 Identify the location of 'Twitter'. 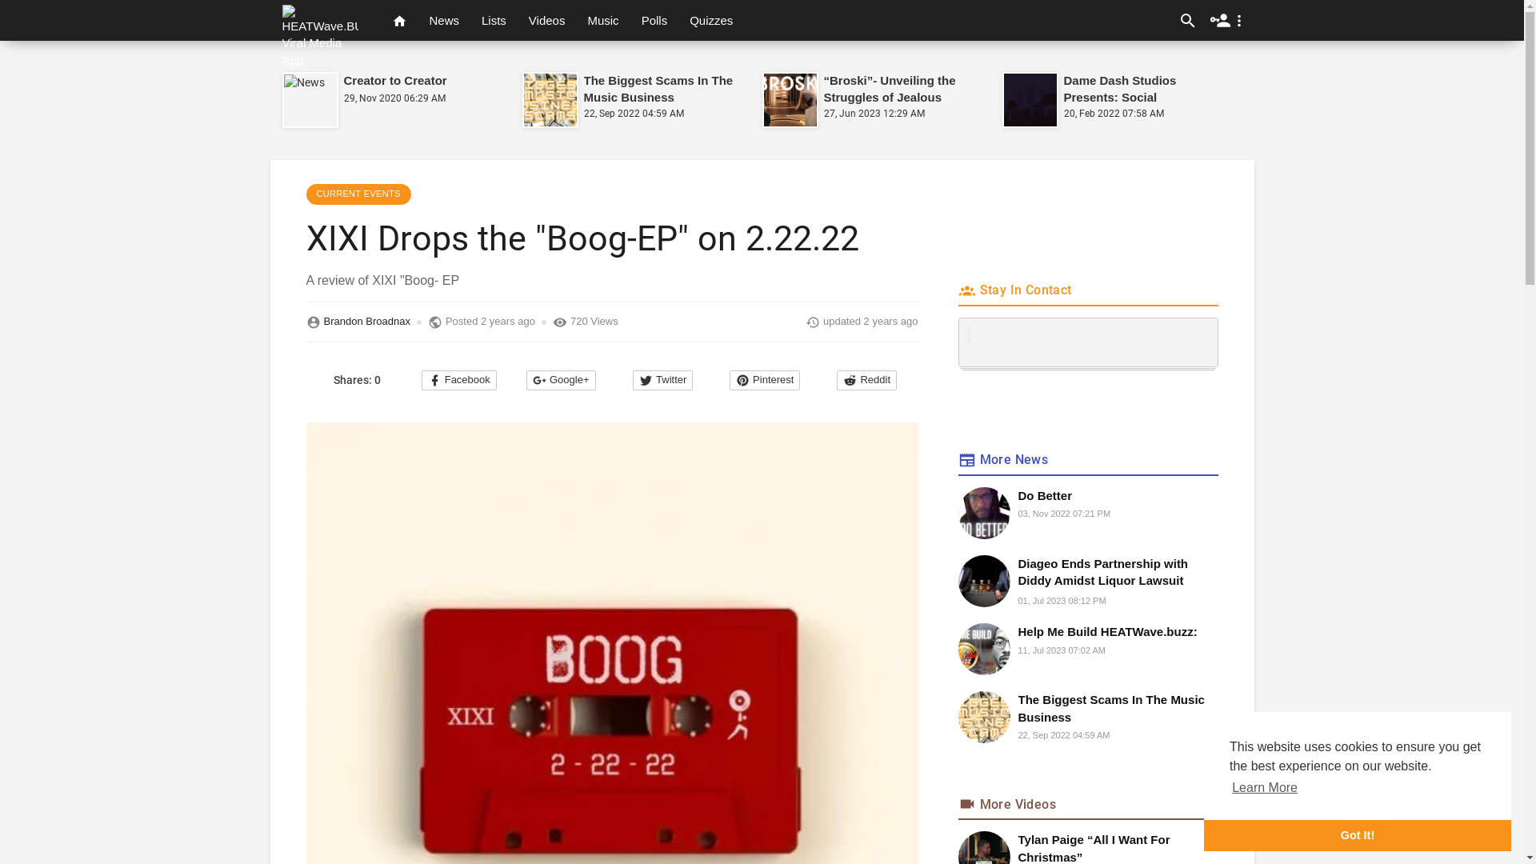
(662, 380).